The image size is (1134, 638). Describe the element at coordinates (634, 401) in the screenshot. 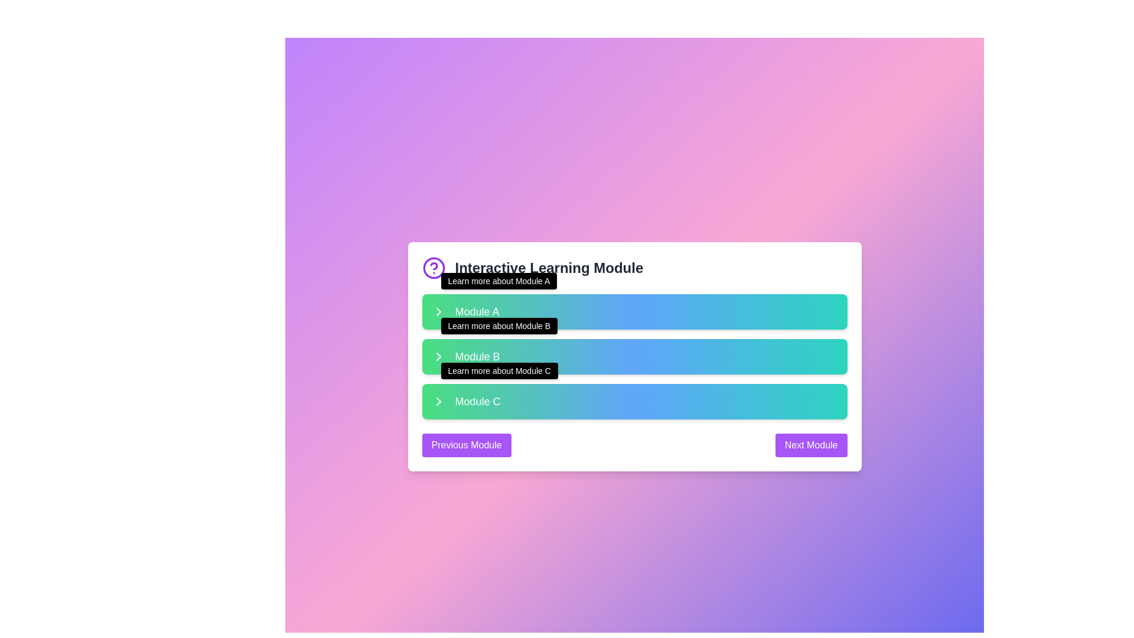

I see `the 'Module C' card, which is the third card in a vertical arrangement of cards, positioned centrally below the 'Module B' card` at that location.